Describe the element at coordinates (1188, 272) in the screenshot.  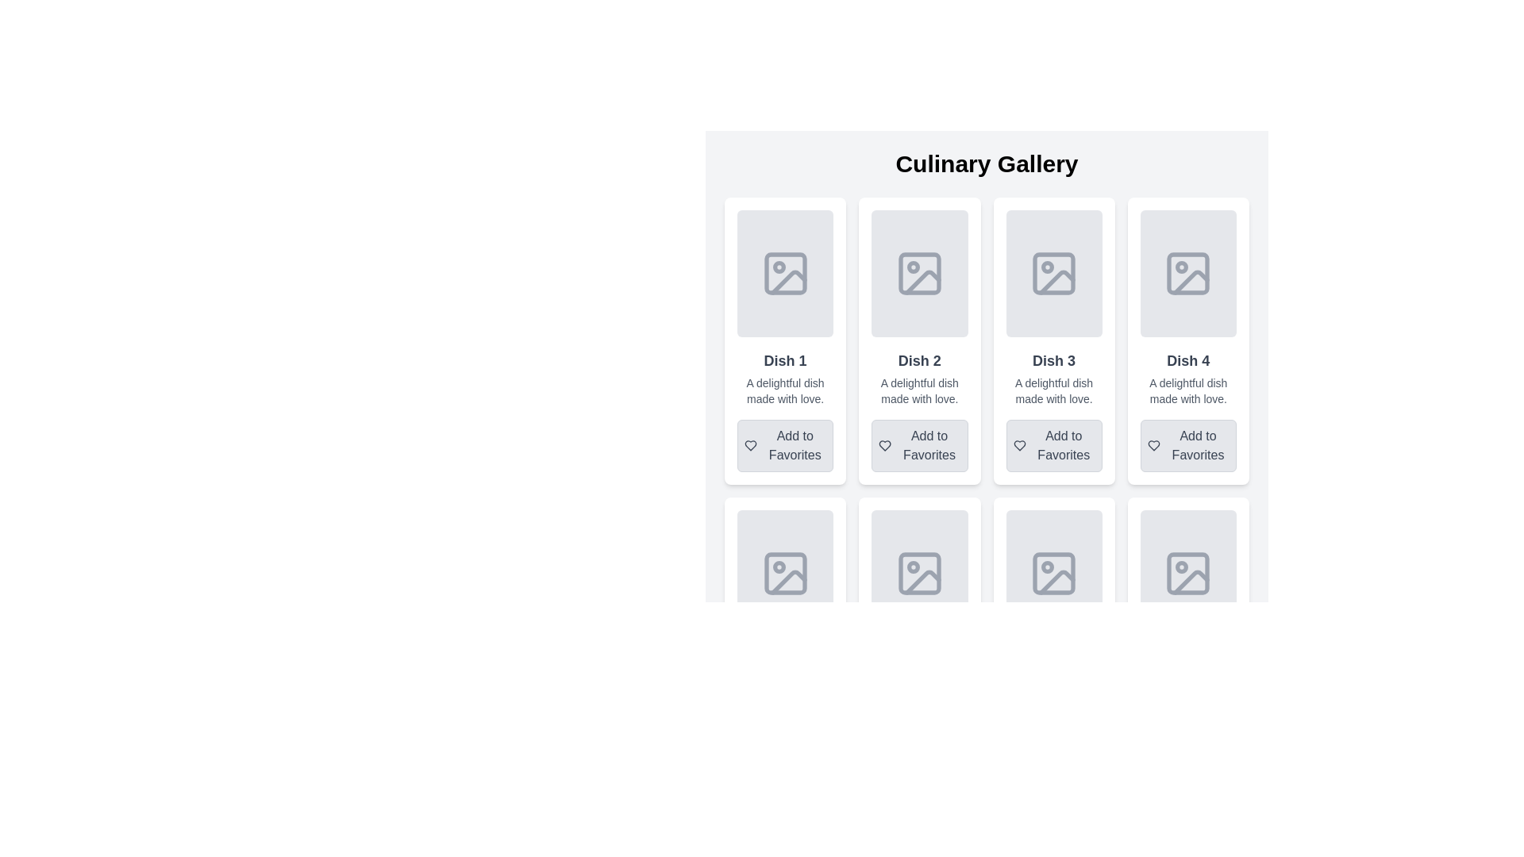
I see `the top-left rounded rectangle of the image icon in the 'Culinary Gallery' card labeled 'Dish 4'` at that location.